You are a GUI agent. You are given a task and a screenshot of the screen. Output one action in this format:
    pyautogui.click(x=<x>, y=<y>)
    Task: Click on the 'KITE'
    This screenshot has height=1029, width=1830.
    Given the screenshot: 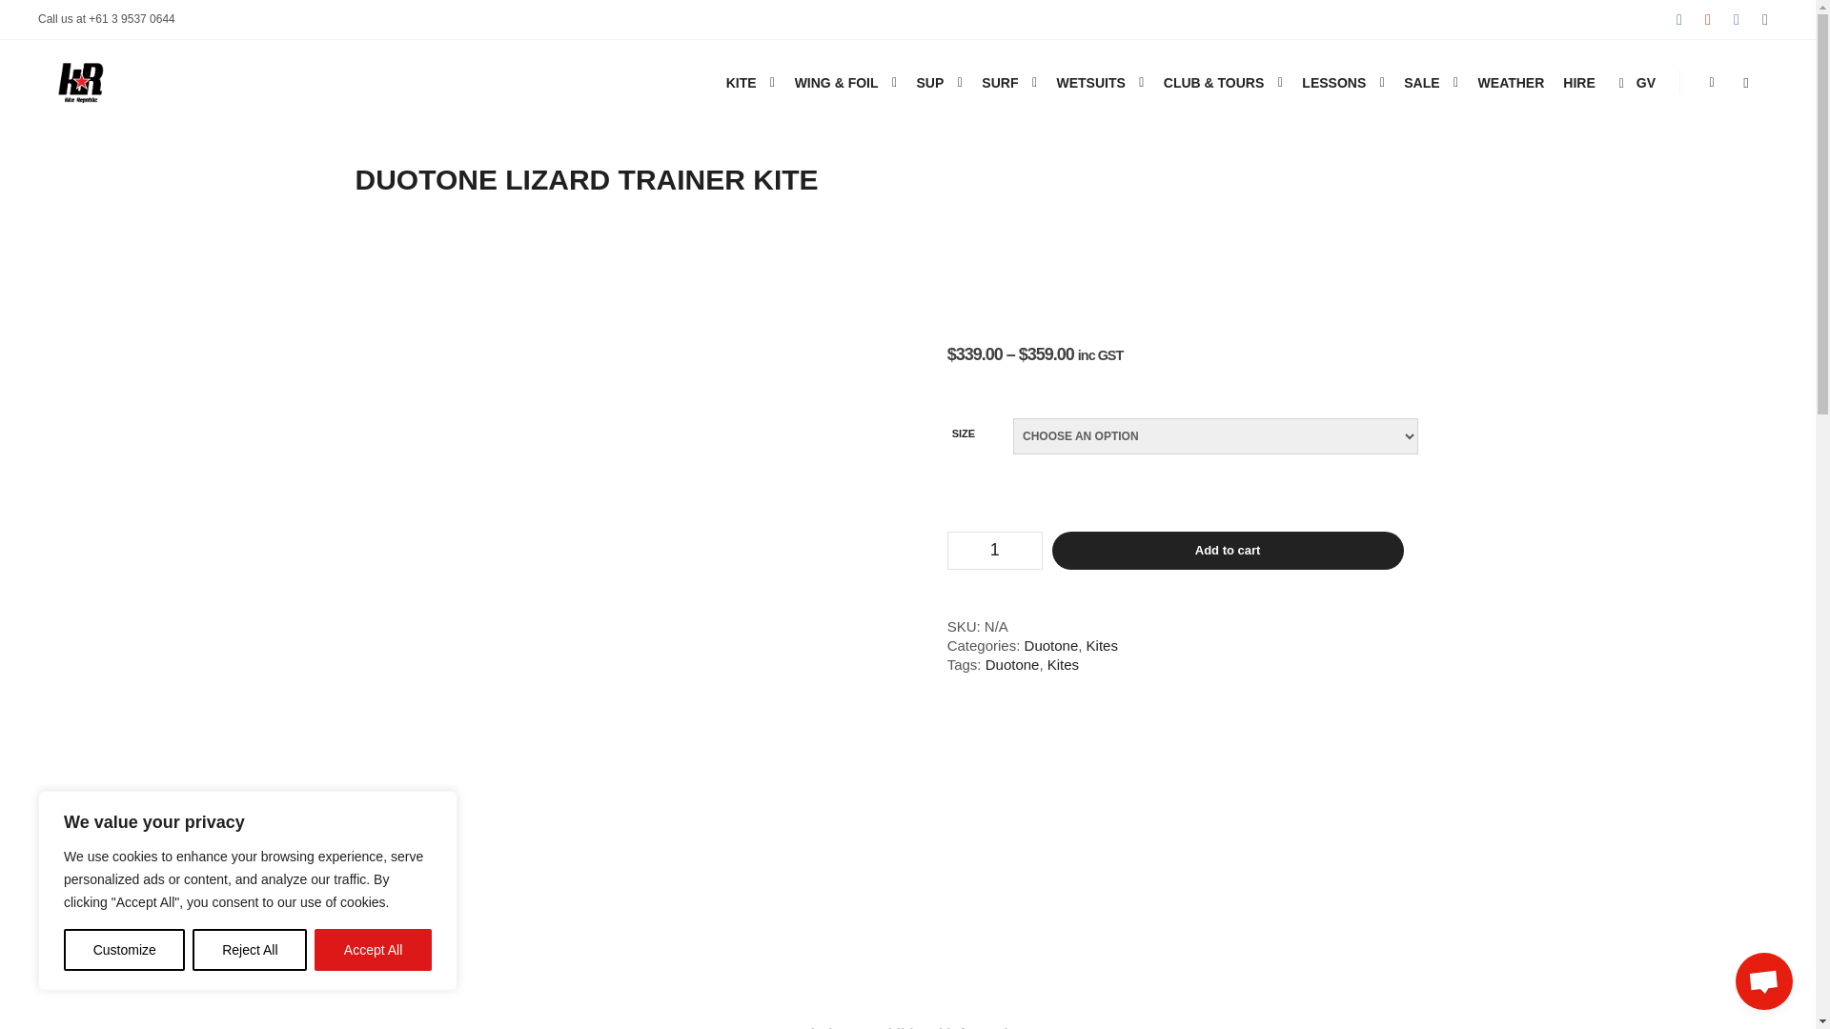 What is the action you would take?
    pyautogui.click(x=737, y=82)
    